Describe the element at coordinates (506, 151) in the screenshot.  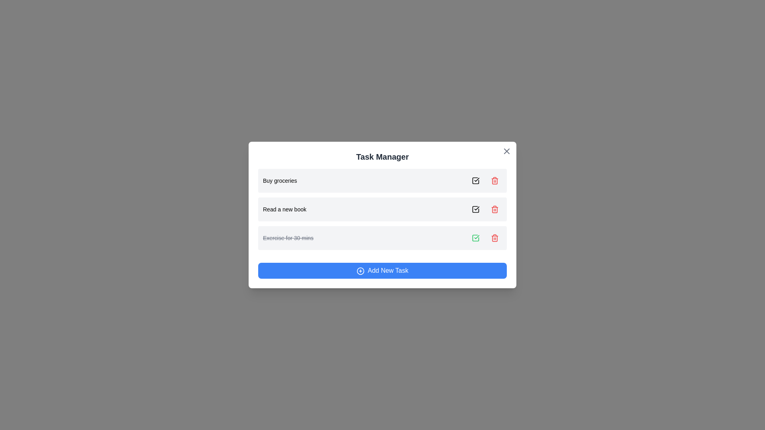
I see `the close button located in the top-right corner of the 'Task Manager' dialog box` at that location.